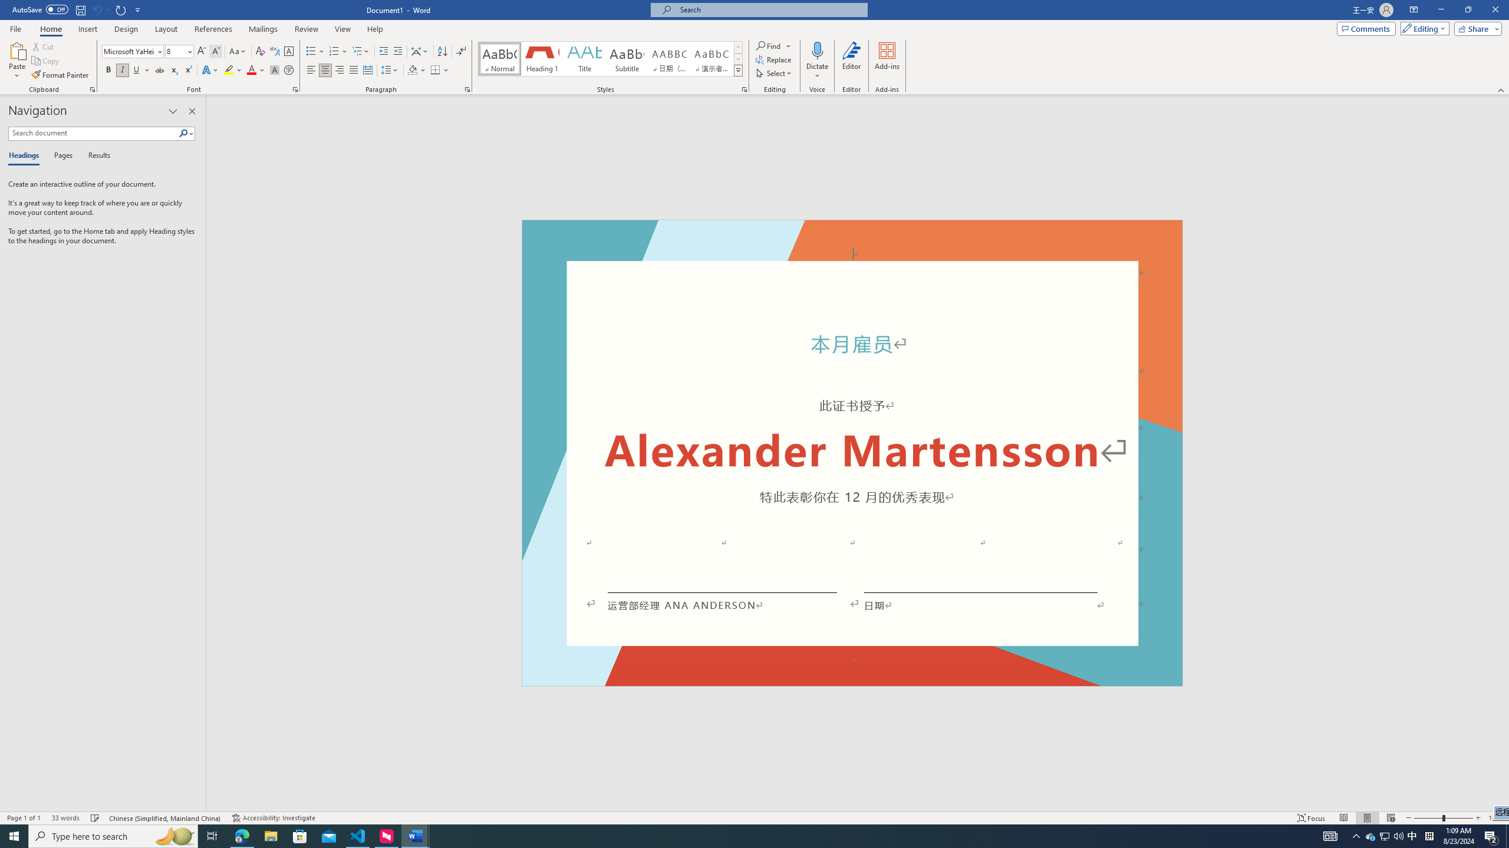 This screenshot has width=1509, height=848. What do you see at coordinates (774, 72) in the screenshot?
I see `'Select'` at bounding box center [774, 72].